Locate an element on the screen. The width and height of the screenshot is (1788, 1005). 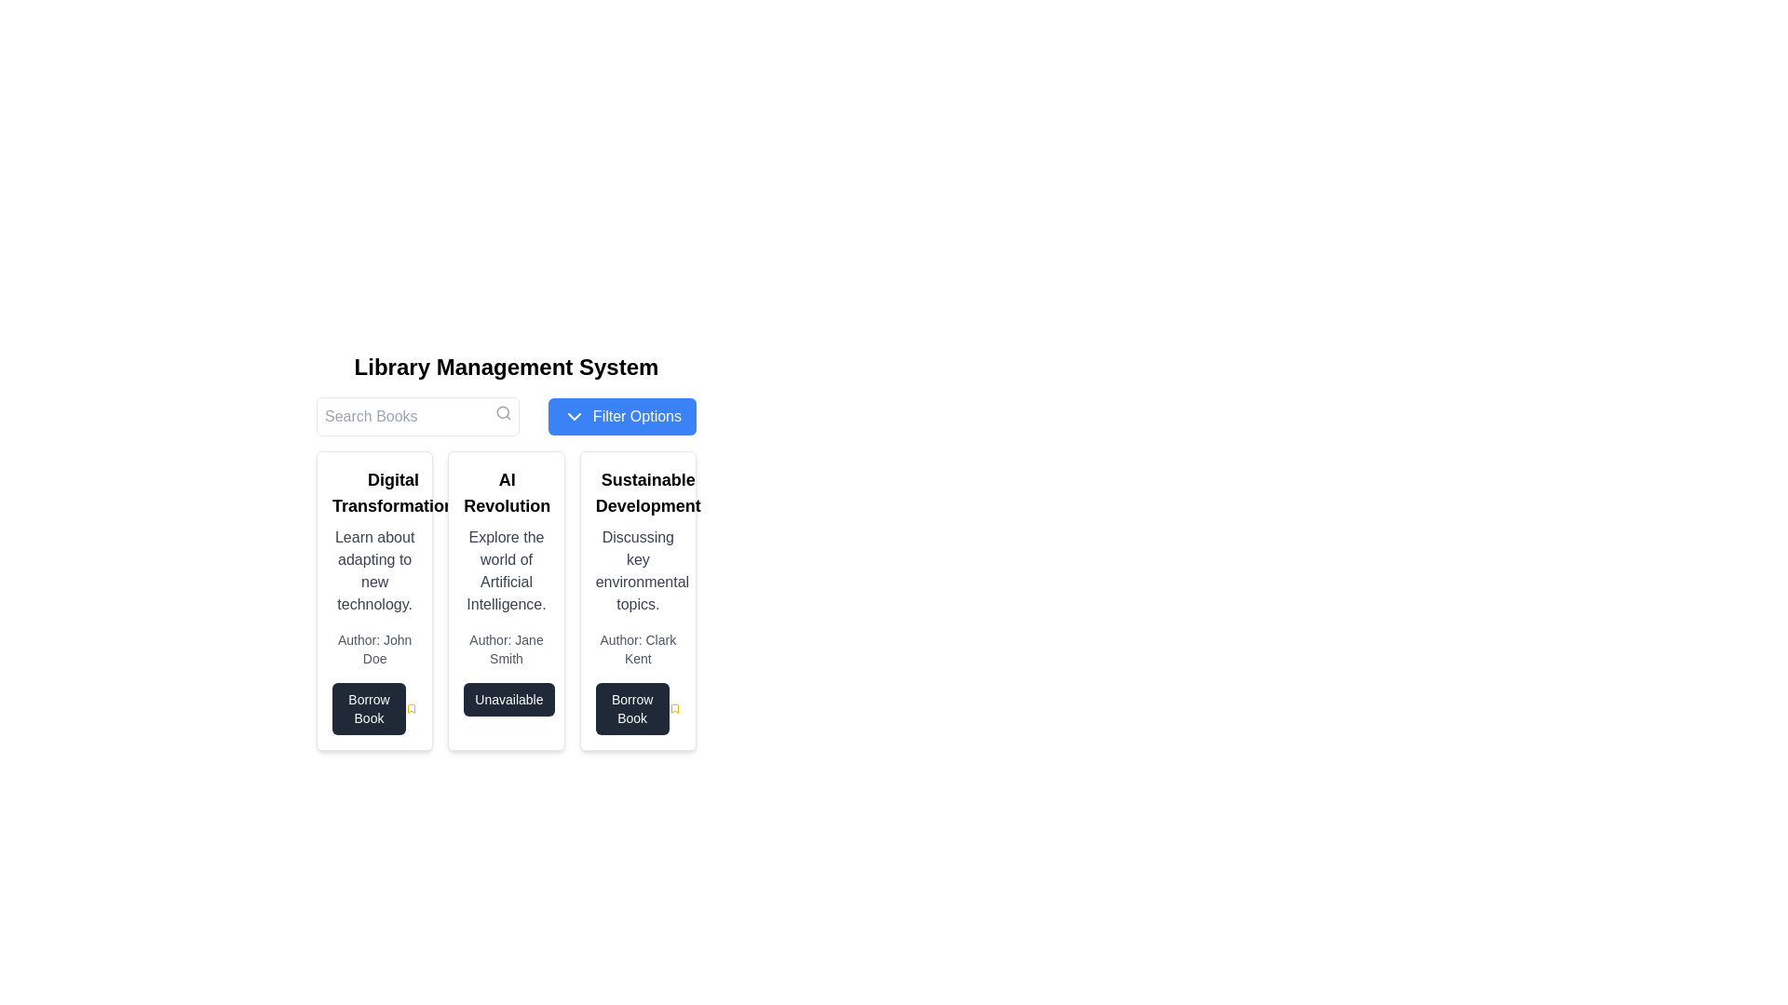
the circular search icon with a magnifying glass representation, located at the rightmost end of the search bar labeled 'Search Books' is located at coordinates (504, 411).